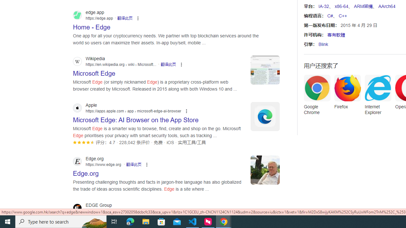  I want to click on 'Firefox', so click(347, 94).